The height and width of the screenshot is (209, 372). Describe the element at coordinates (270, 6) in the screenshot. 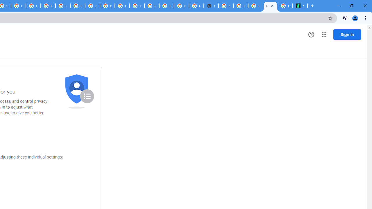

I see `'Privacy Checkup'` at that location.